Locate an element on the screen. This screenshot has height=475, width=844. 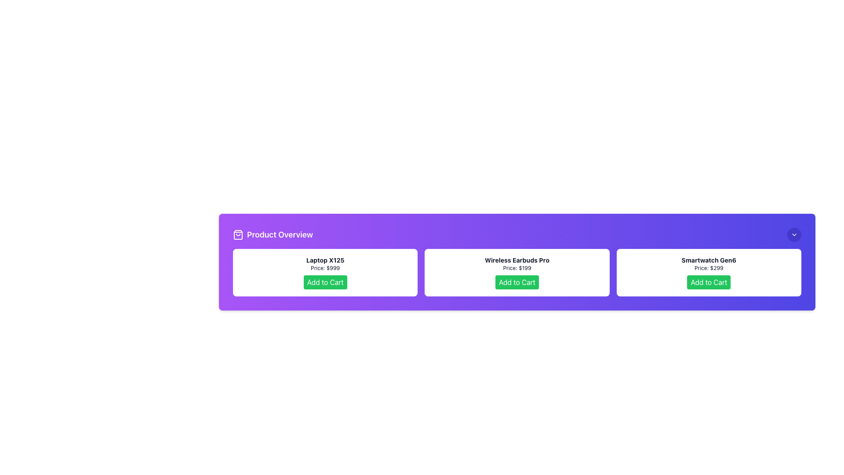
the informational Text Label displaying the price of the product, located below the product title 'Wireless Earbuds Pro' and above the 'Add to Cart' button is located at coordinates (517, 267).